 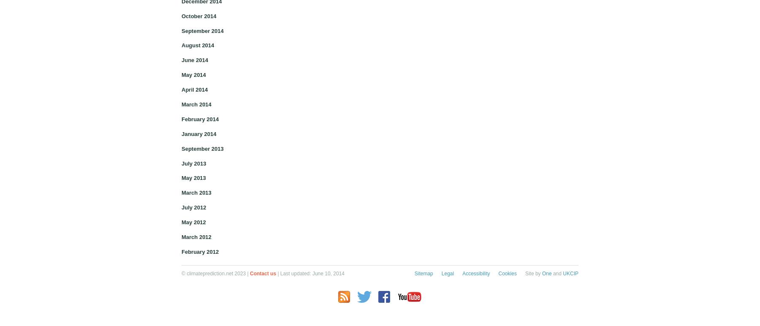 What do you see at coordinates (182, 60) in the screenshot?
I see `'June 2014'` at bounding box center [182, 60].